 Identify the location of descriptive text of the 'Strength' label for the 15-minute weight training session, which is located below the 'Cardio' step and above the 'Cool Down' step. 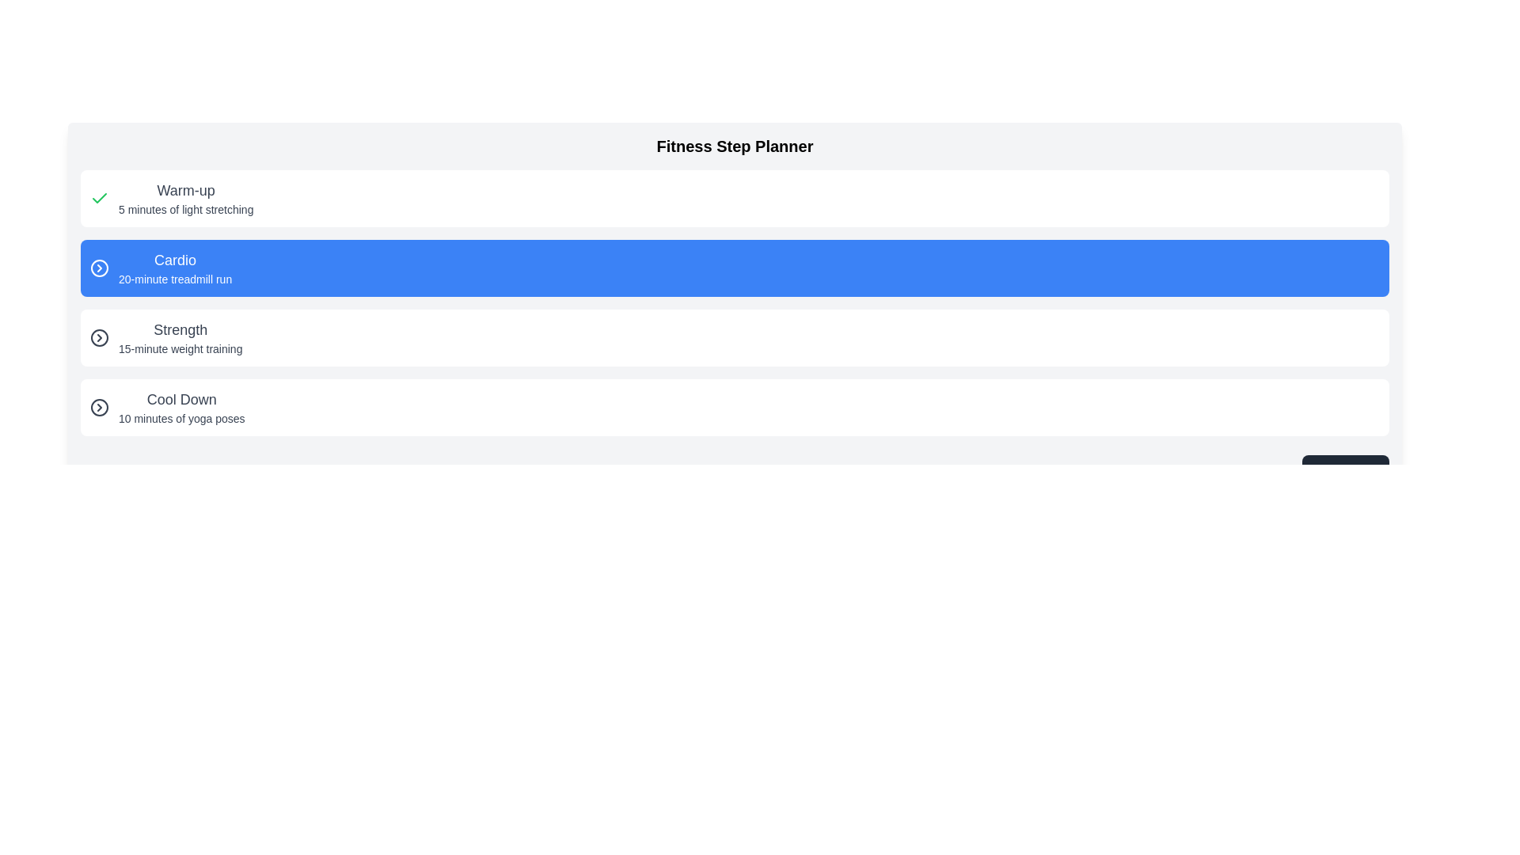
(180, 337).